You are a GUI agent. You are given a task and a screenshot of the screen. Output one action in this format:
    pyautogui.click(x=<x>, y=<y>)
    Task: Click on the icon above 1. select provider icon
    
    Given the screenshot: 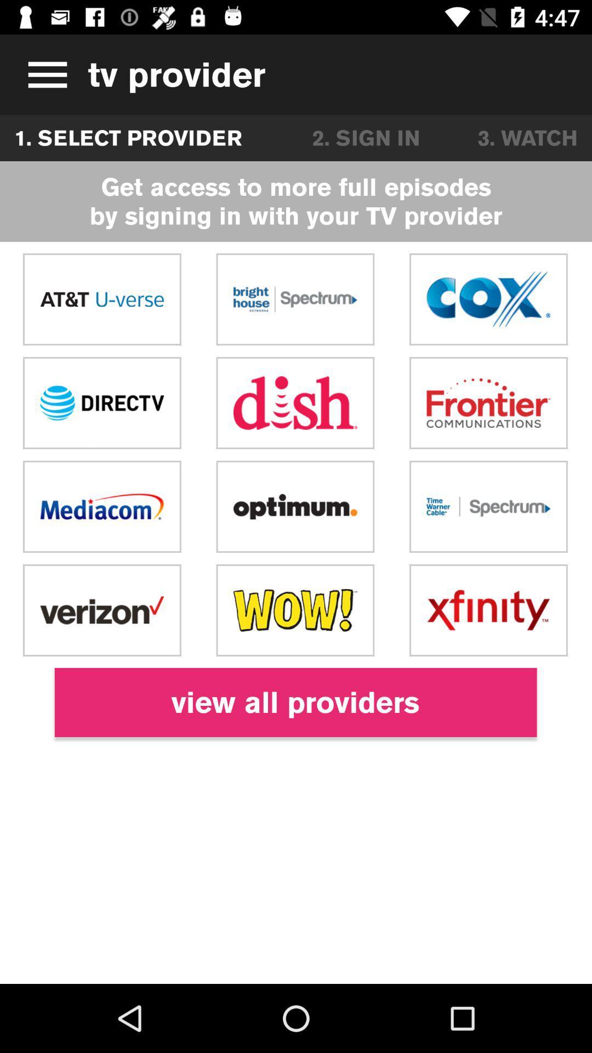 What is the action you would take?
    pyautogui.click(x=43, y=74)
    